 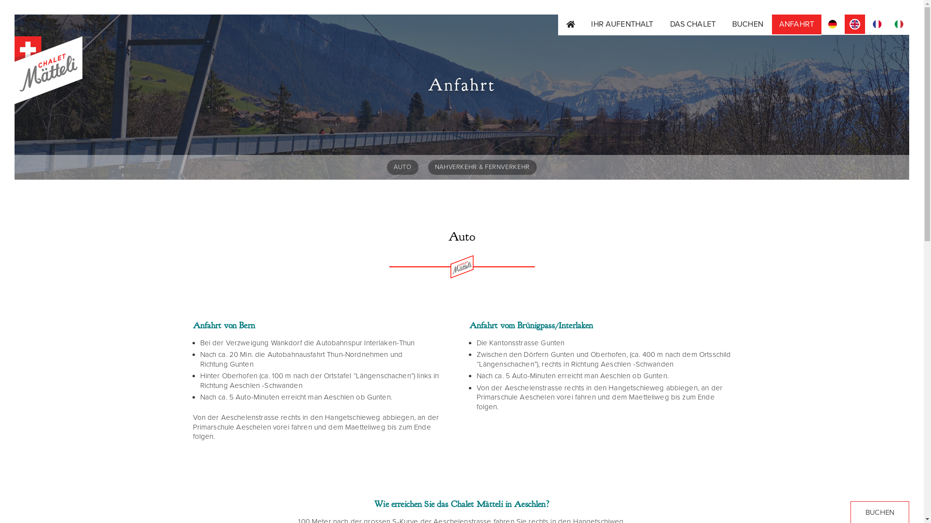 What do you see at coordinates (570, 24) in the screenshot?
I see `'HOME'` at bounding box center [570, 24].